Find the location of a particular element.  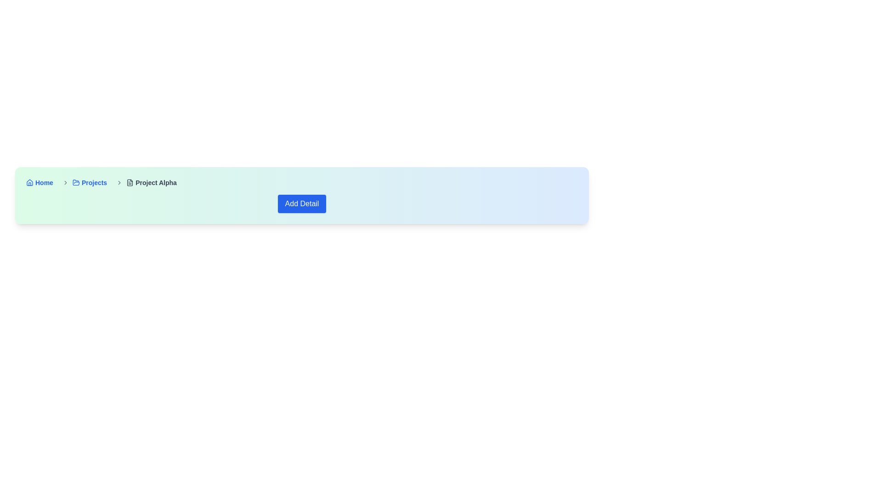

the hyperlink with icon in the breadcrumb navigation that links to the Projects page is located at coordinates (90, 182).